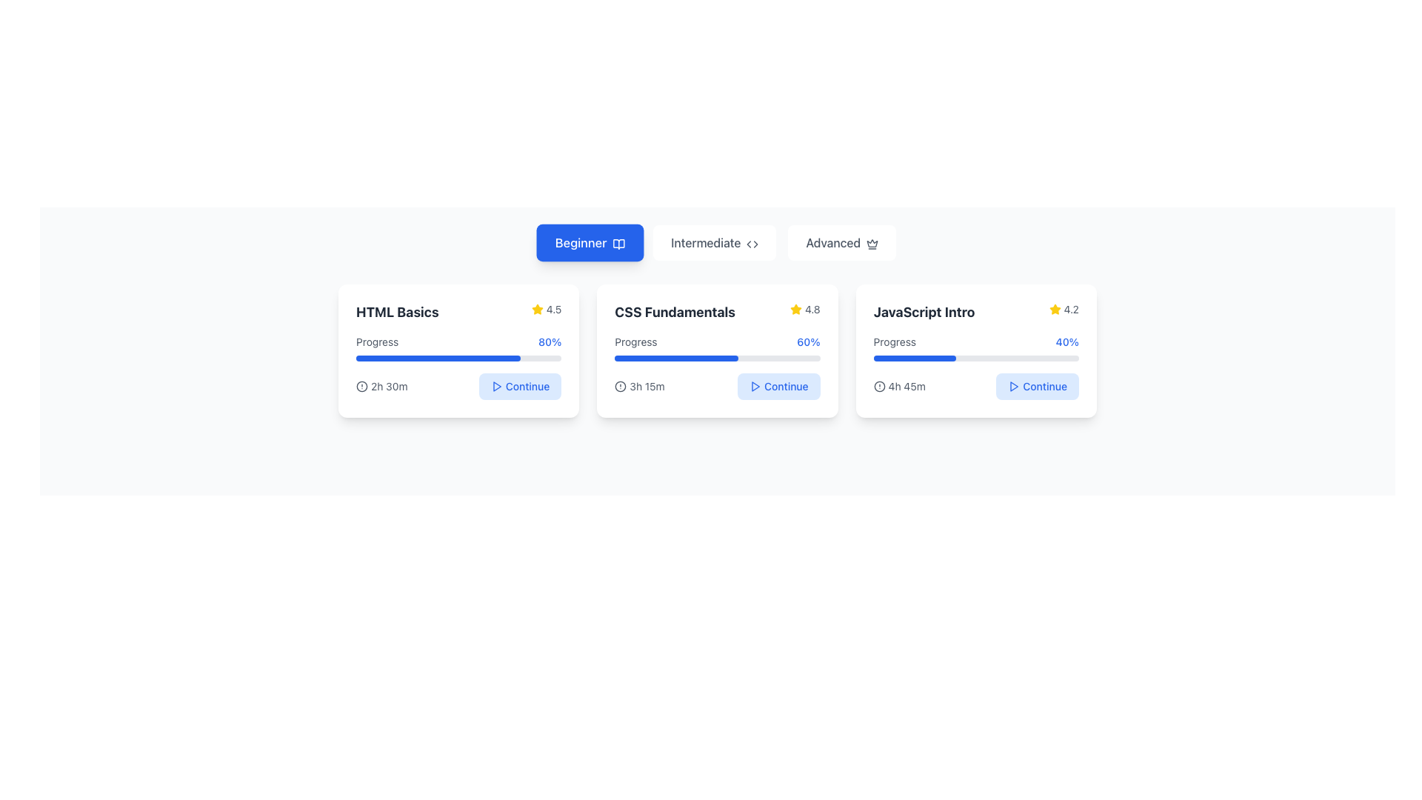 Image resolution: width=1422 pixels, height=800 pixels. What do you see at coordinates (621, 385) in the screenshot?
I see `Circle SVG element located near the top-center of the UI, which serves as a visual indicator for status or alerts` at bounding box center [621, 385].